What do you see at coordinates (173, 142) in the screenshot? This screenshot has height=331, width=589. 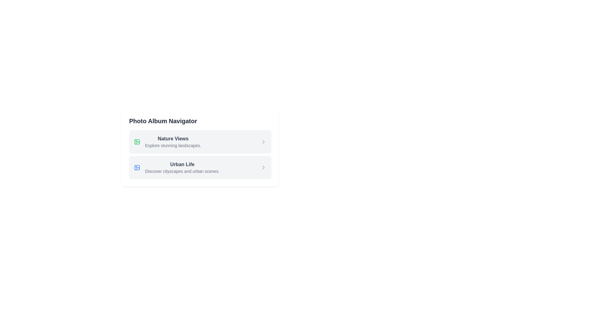 I see `the first list item titled 'Nature Views' under the 'Photo Album Navigator'` at bounding box center [173, 142].